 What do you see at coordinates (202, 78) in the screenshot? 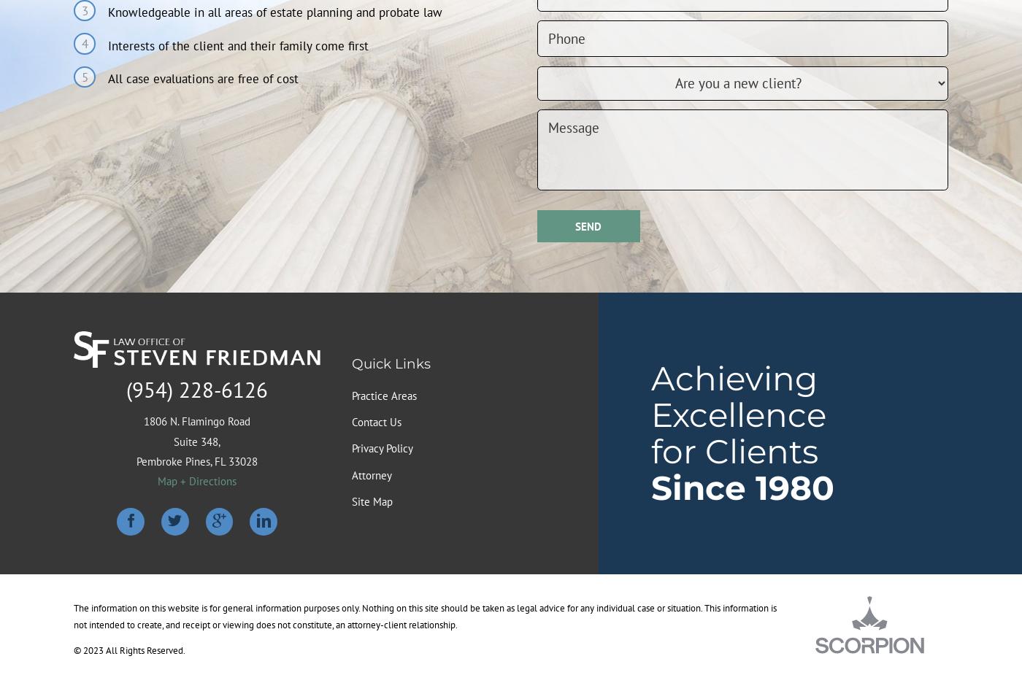
I see `'All case evaluations are free of cost'` at bounding box center [202, 78].